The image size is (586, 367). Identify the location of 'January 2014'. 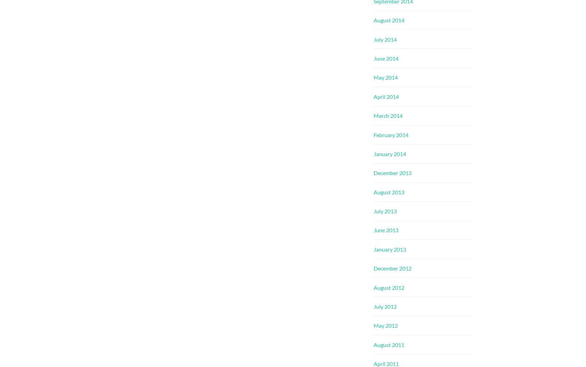
(390, 153).